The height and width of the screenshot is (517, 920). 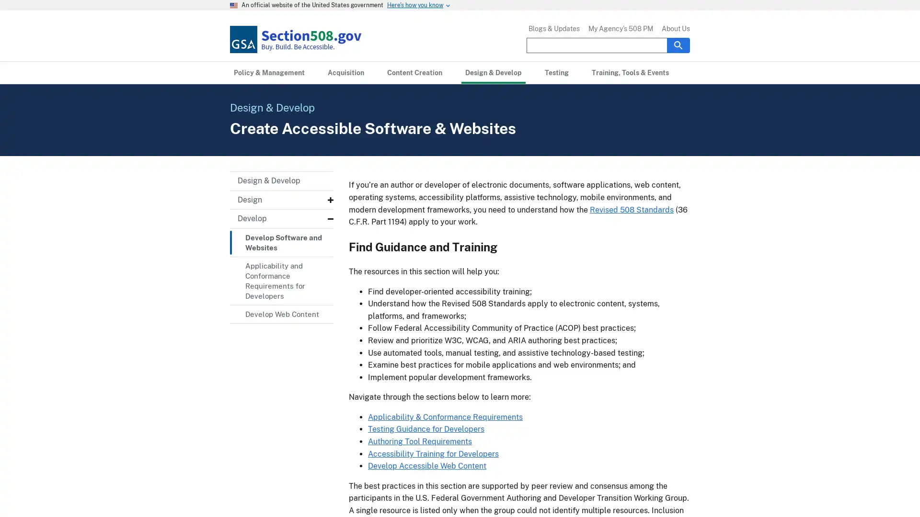 What do you see at coordinates (415, 5) in the screenshot?
I see `Here's how you know` at bounding box center [415, 5].